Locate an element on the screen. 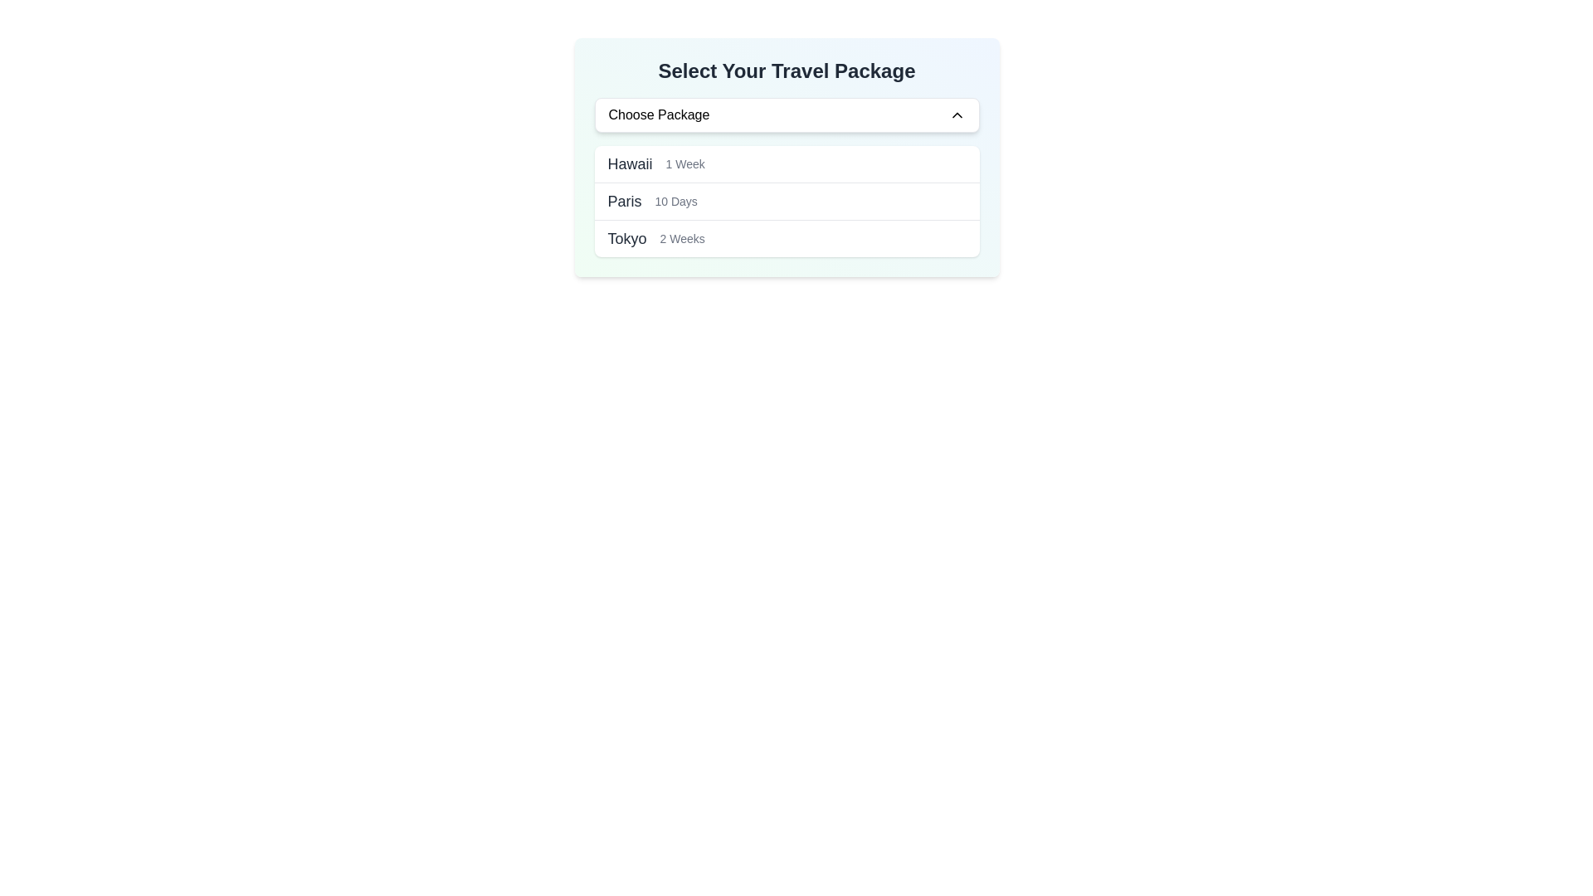 This screenshot has height=896, width=1593. text label providing additional information about the duration associated with the travel destination 'Paris', which is positioned to the right of 'Paris' in the travel options list is located at coordinates (676, 201).